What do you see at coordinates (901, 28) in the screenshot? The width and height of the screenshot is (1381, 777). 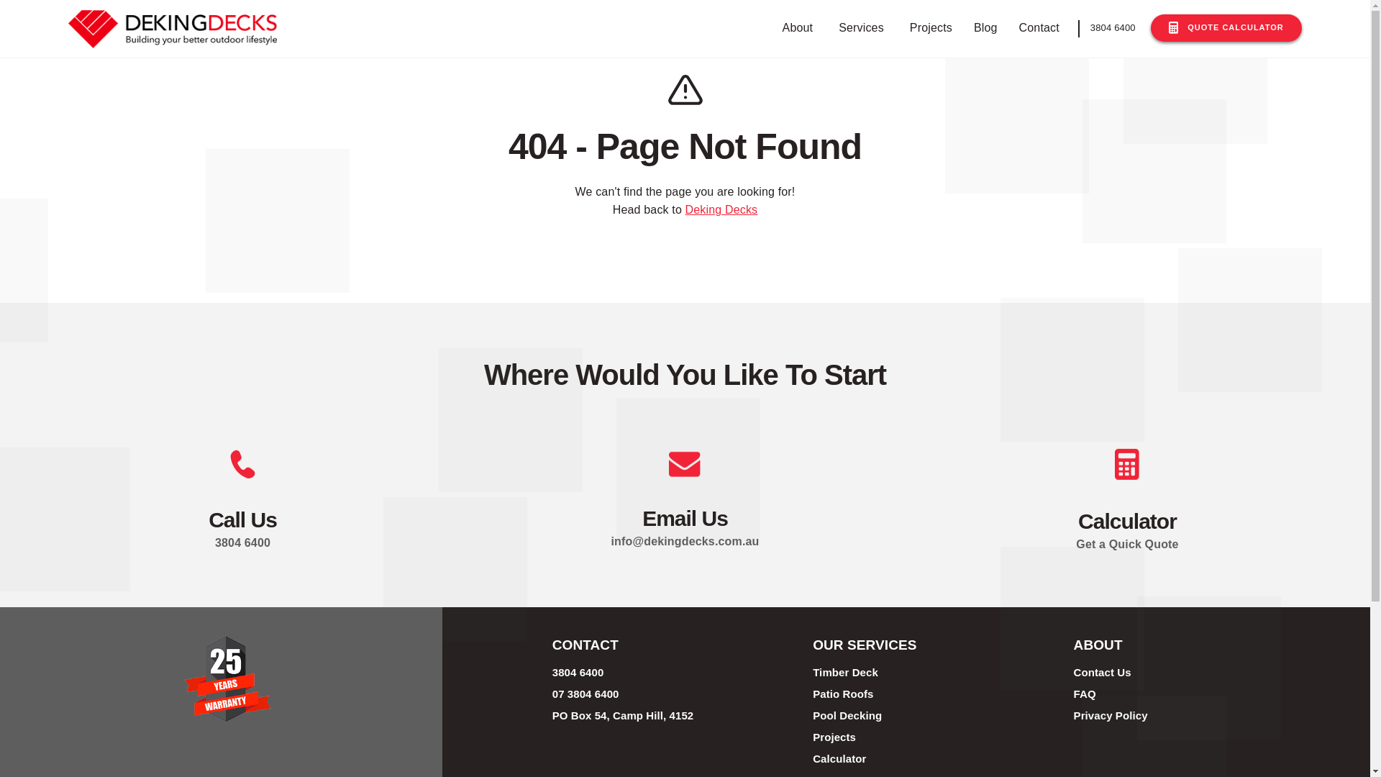 I see `'Projects'` at bounding box center [901, 28].